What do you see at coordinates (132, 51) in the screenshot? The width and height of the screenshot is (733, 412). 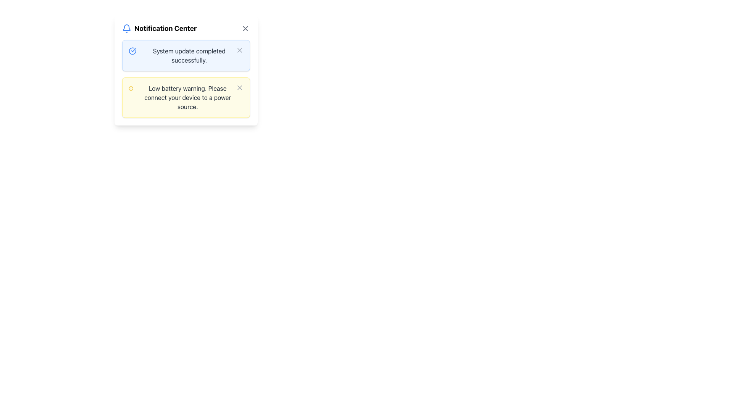 I see `the visual indicator representing the successful completion of a system update within the notification card titled 'System update completed successfully'` at bounding box center [132, 51].